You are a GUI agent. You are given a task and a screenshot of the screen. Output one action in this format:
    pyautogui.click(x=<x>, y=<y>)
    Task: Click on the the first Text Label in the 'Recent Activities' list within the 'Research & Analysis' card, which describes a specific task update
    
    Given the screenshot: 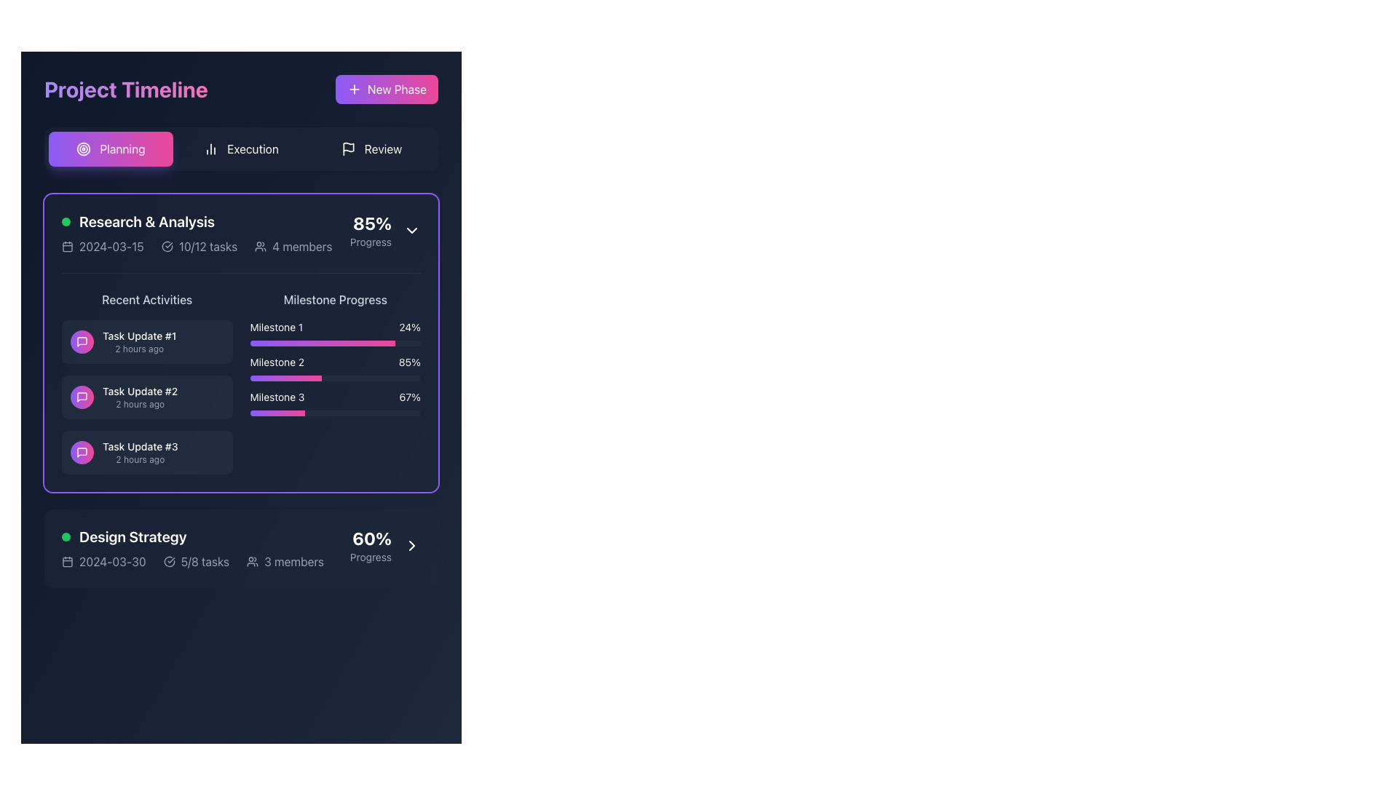 What is the action you would take?
    pyautogui.click(x=139, y=336)
    